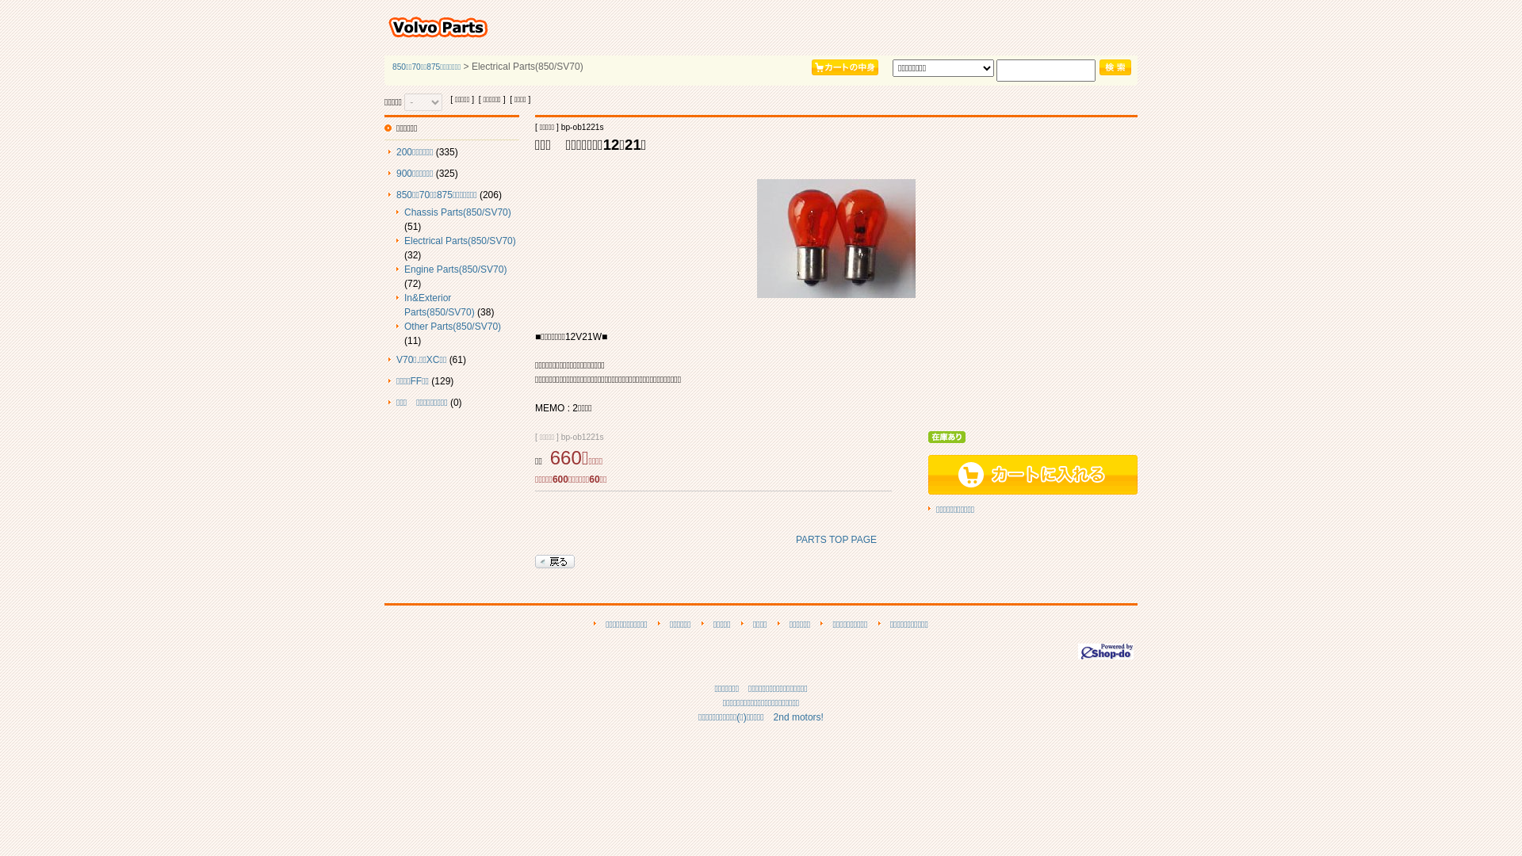 This screenshot has height=856, width=1522. Describe the element at coordinates (459, 241) in the screenshot. I see `'Electrical Parts(850/SV70)'` at that location.